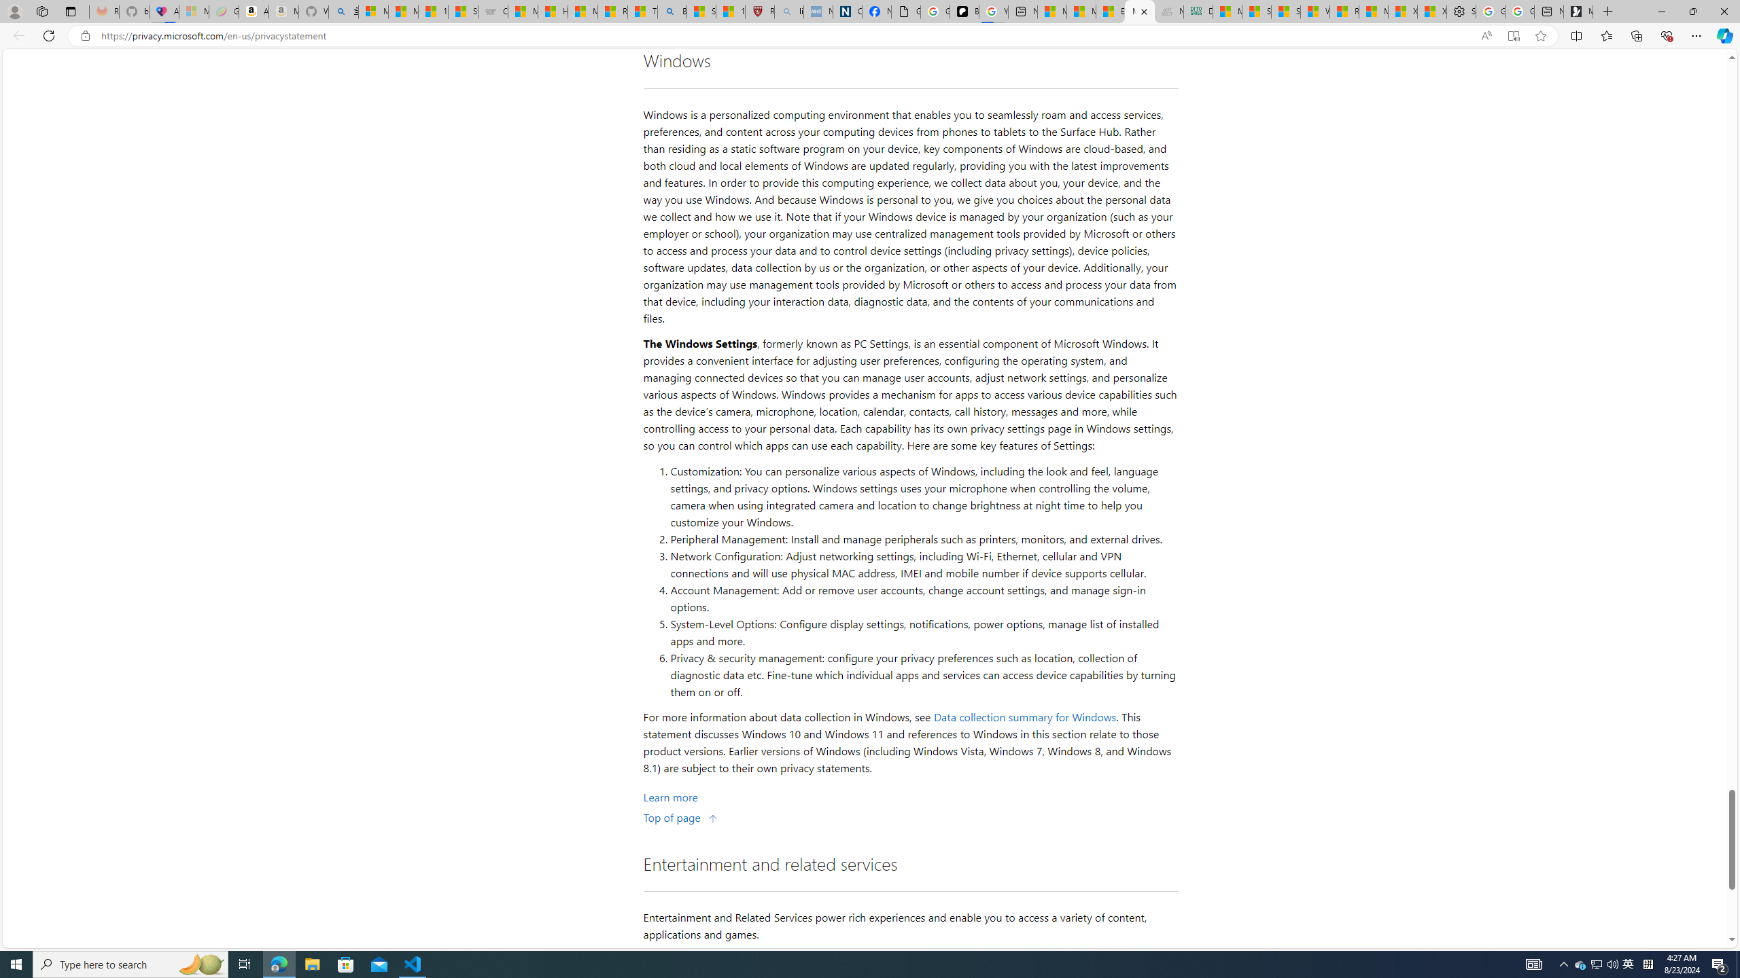 The height and width of the screenshot is (978, 1740). I want to click on 'Data collection summary for Windows', so click(1024, 717).